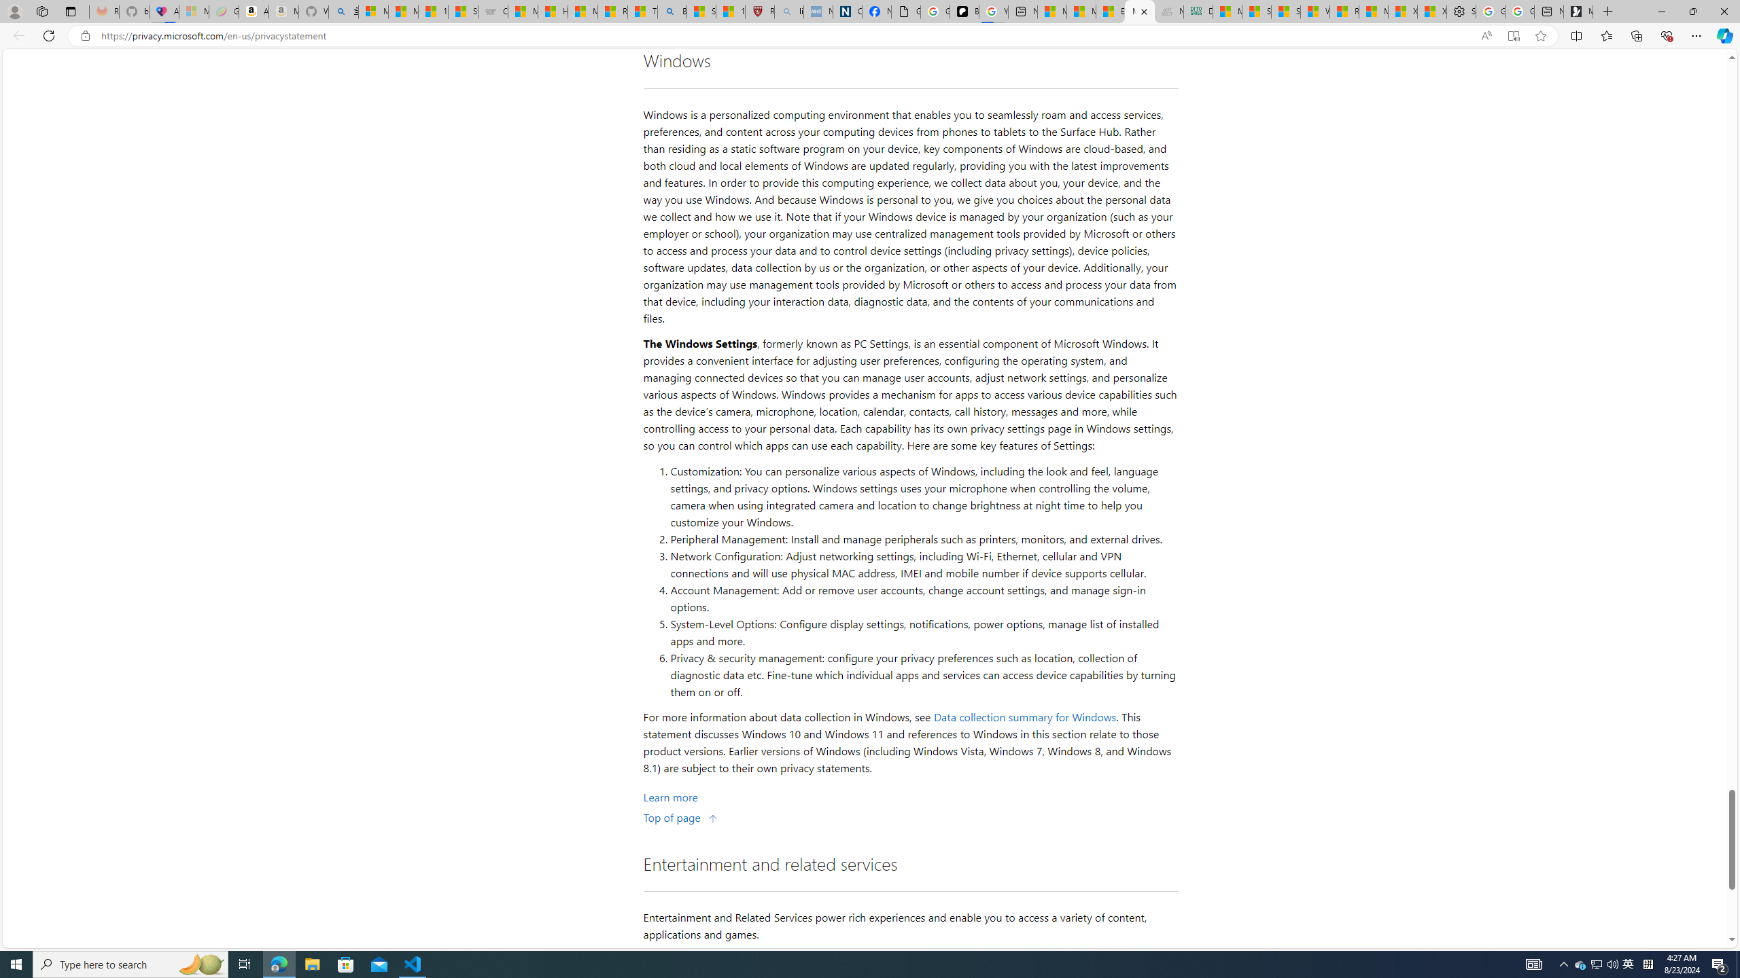 The height and width of the screenshot is (978, 1740). I want to click on 'Data collection summary for Windows', so click(1024, 717).